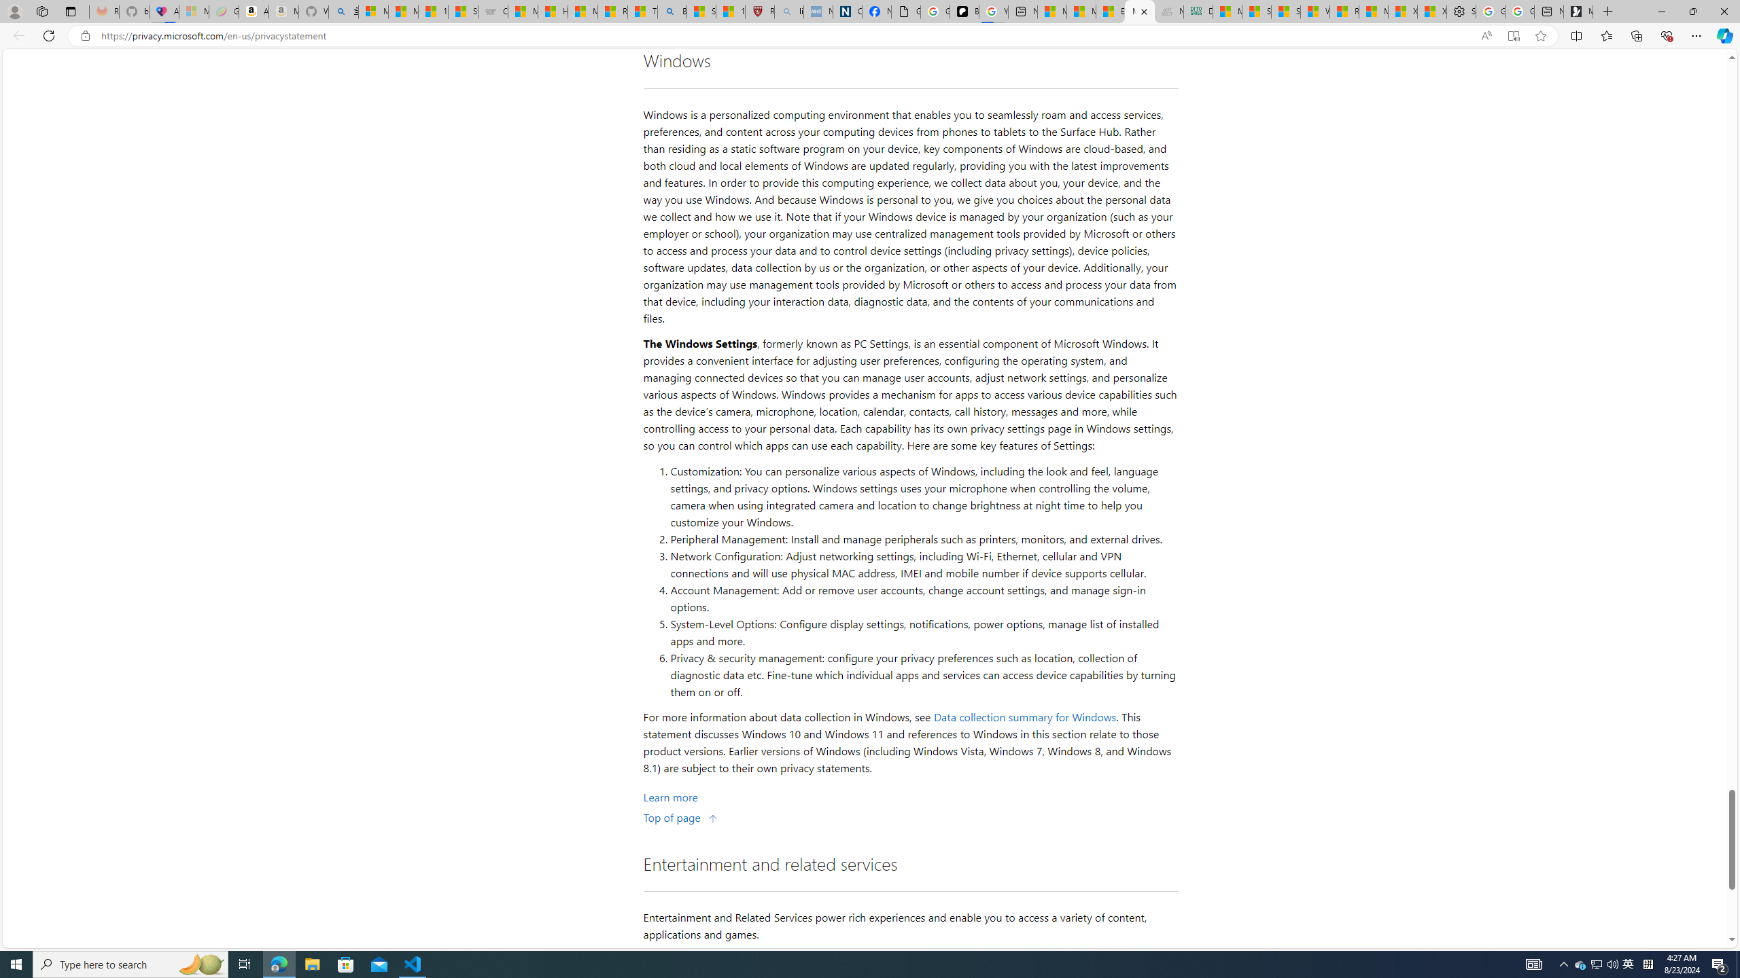 The height and width of the screenshot is (978, 1740). I want to click on 'Data collection summary for Windows', so click(1024, 717).